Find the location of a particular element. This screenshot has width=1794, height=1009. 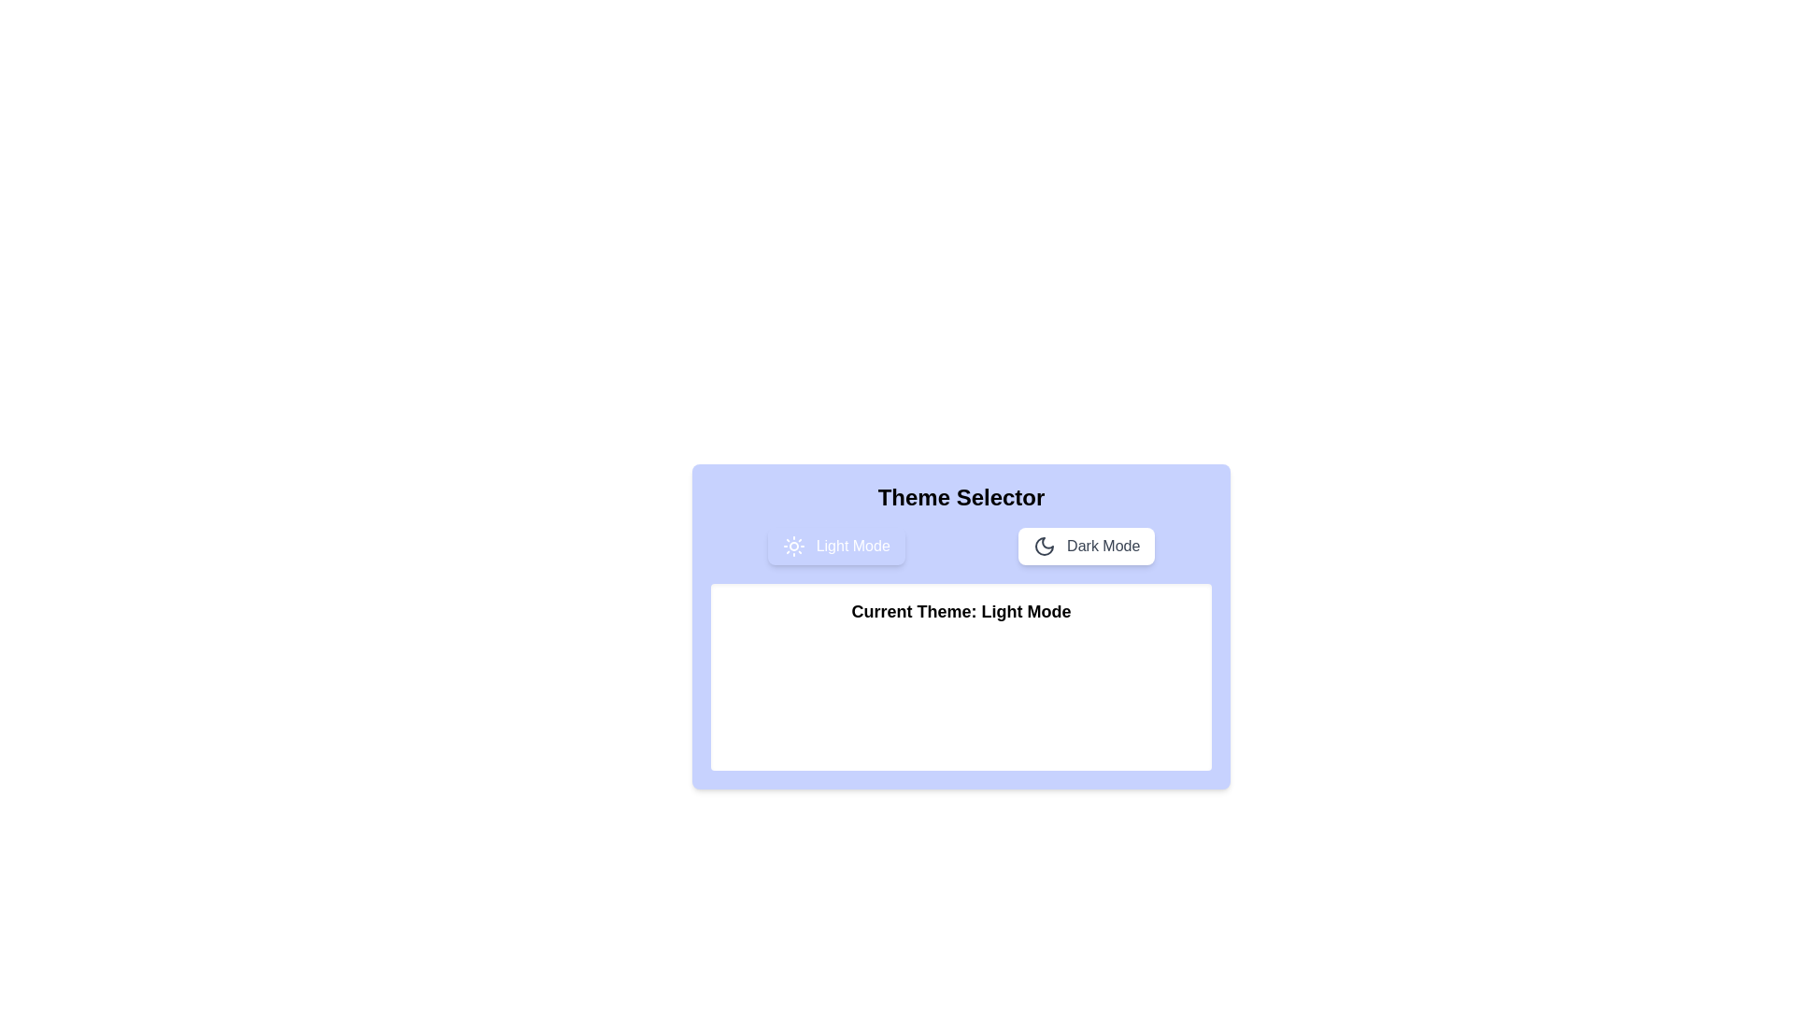

the 'Light Mode' button to select the light theme is located at coordinates (834, 547).